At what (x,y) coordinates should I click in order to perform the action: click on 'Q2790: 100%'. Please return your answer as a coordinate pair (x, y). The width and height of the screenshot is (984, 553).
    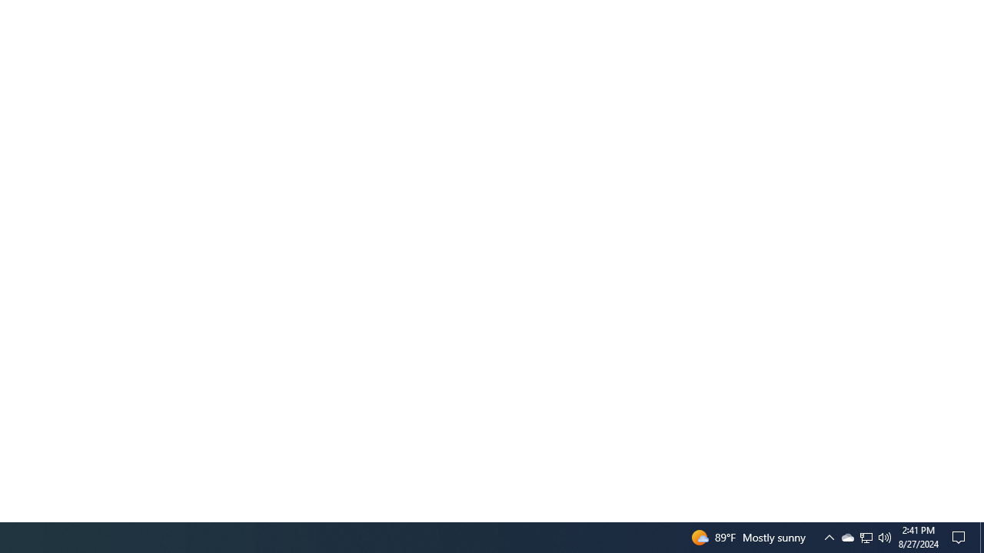
    Looking at the image, I should click on (866, 536).